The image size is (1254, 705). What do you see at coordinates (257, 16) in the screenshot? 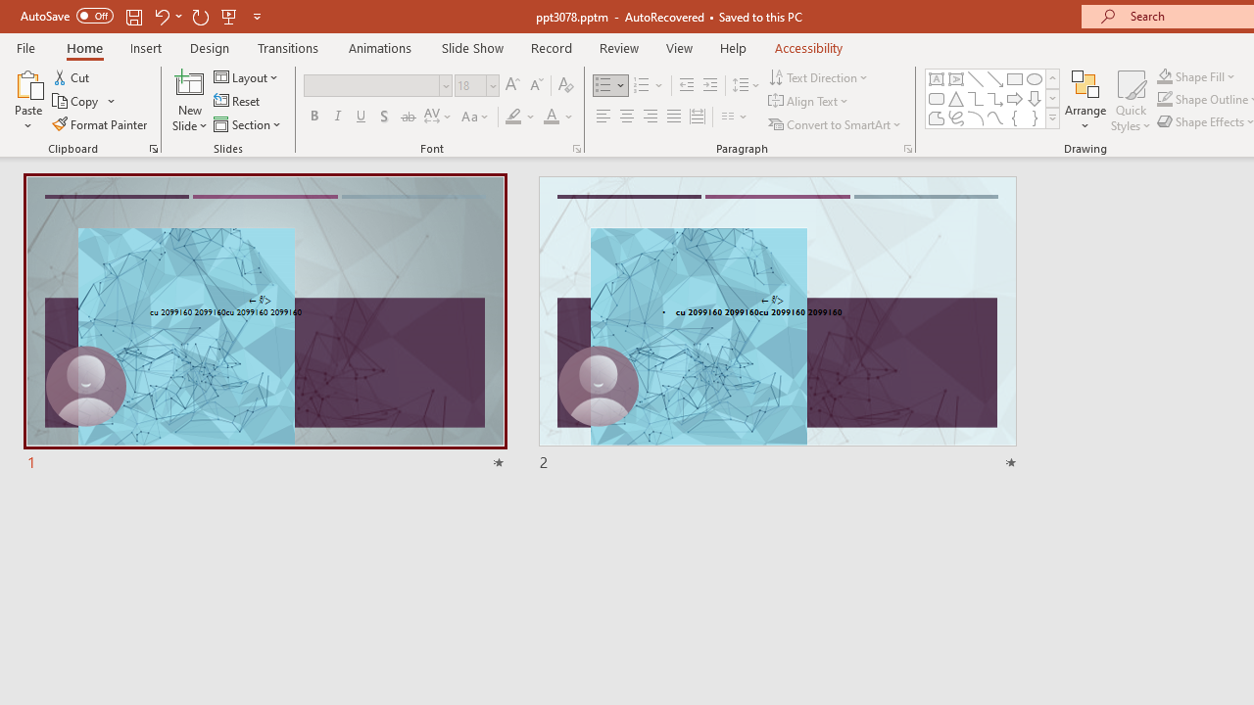
I see `'Customize Quick Access Toolbar'` at bounding box center [257, 16].